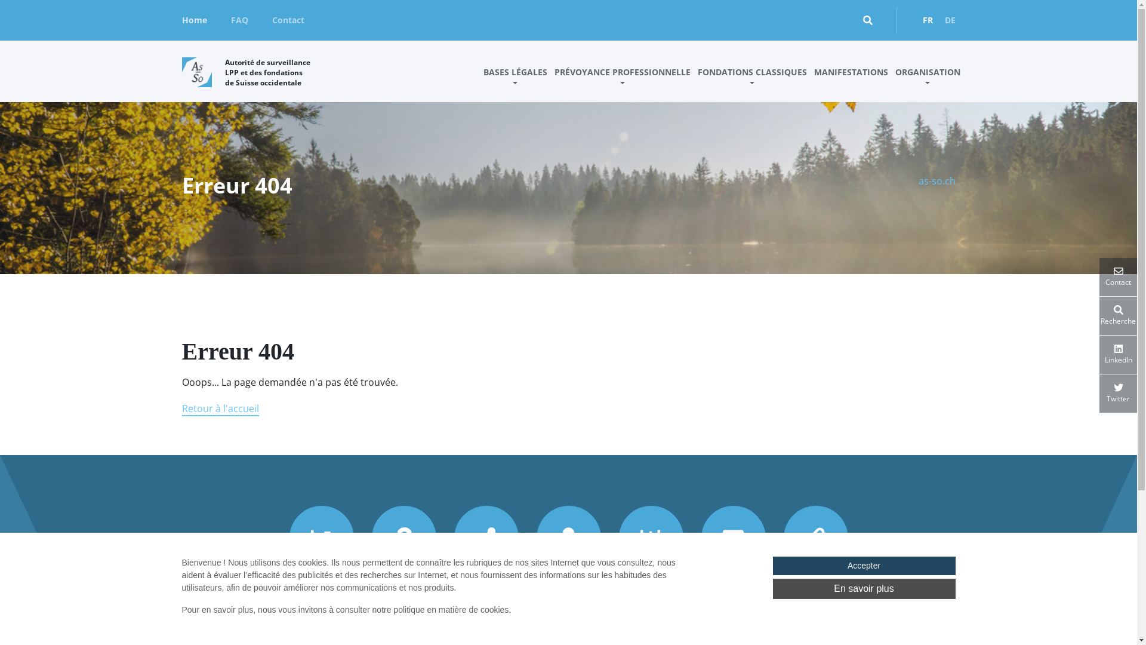  Describe the element at coordinates (863, 588) in the screenshot. I see `'En savoir plus'` at that location.